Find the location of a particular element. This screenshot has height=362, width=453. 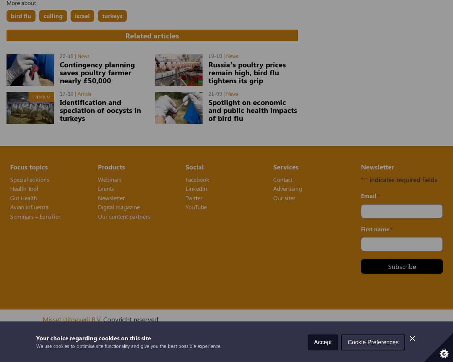

'Twitter' is located at coordinates (194, 197).